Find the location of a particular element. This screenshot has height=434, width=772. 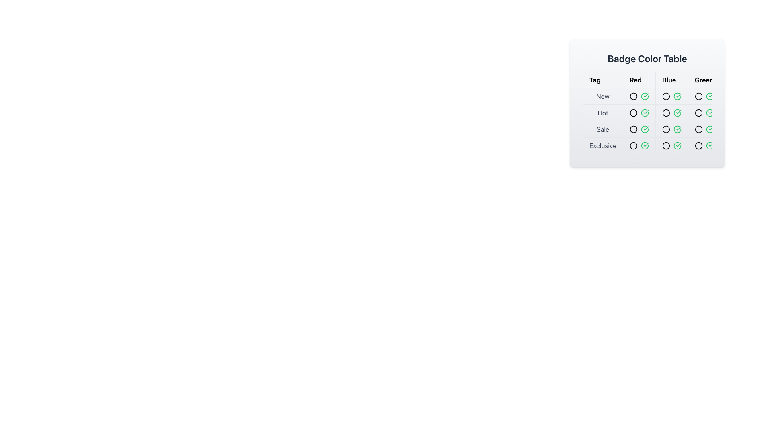

the Circle Icon in the 'Green' column of the 'Badge Color Table' which indicates the 'New' status is located at coordinates (698, 96).